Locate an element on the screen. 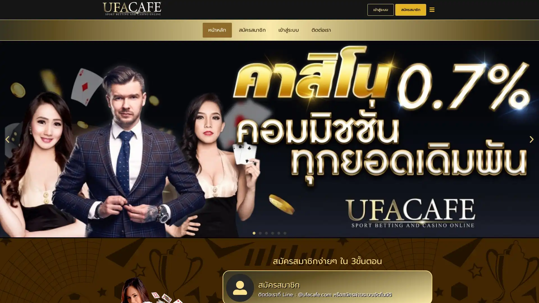 The width and height of the screenshot is (539, 303). Go to slide 6 is located at coordinates (285, 232).